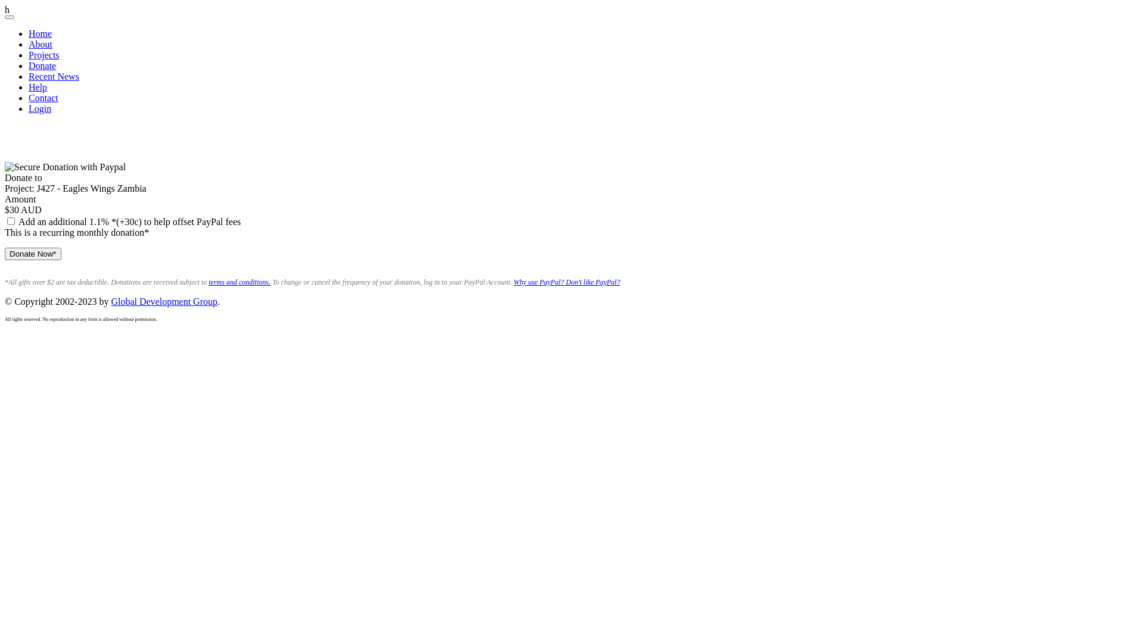 This screenshot has width=1144, height=643. What do you see at coordinates (563, 282) in the screenshot?
I see `'Don't like PayPal?'` at bounding box center [563, 282].